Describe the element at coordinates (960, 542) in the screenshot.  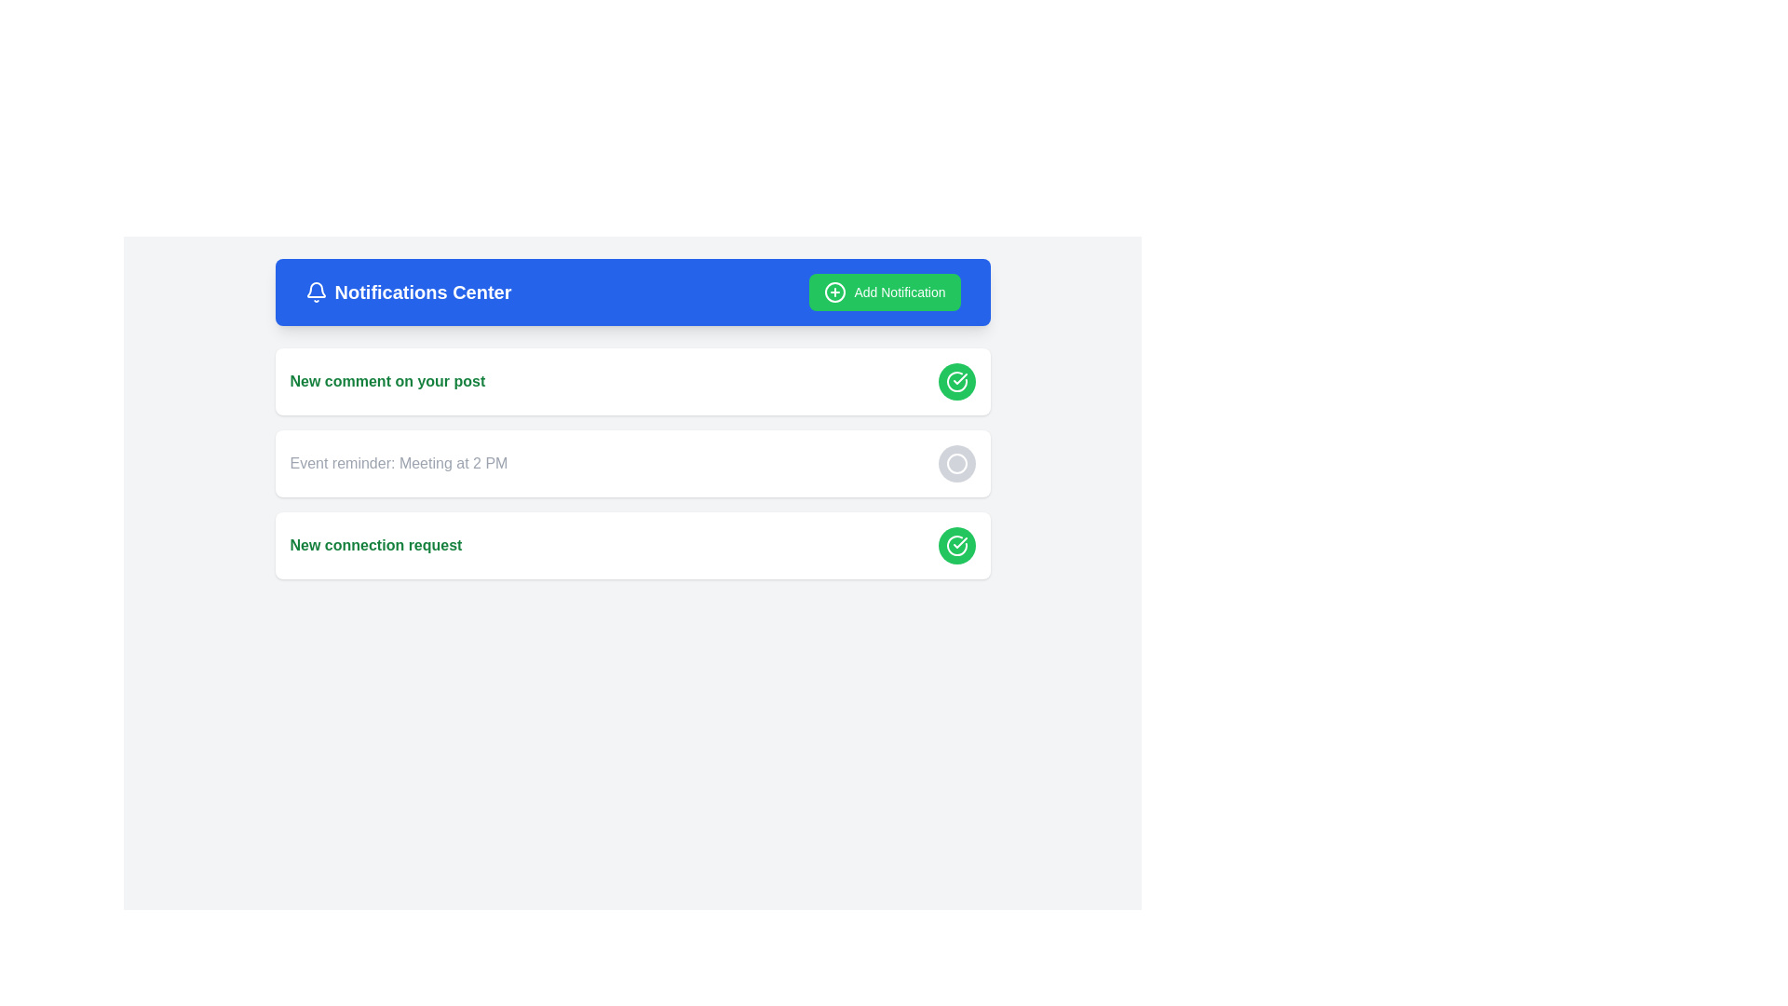
I see `the visual indication of the checkmark icon, which is a small graphic styled with a curved and linear design, located near the upper right corner of the first notification entry in the list` at that location.